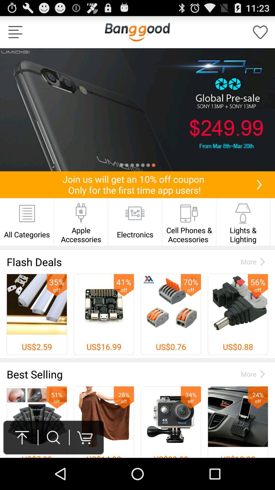  What do you see at coordinates (15, 32) in the screenshot?
I see `open the menu` at bounding box center [15, 32].